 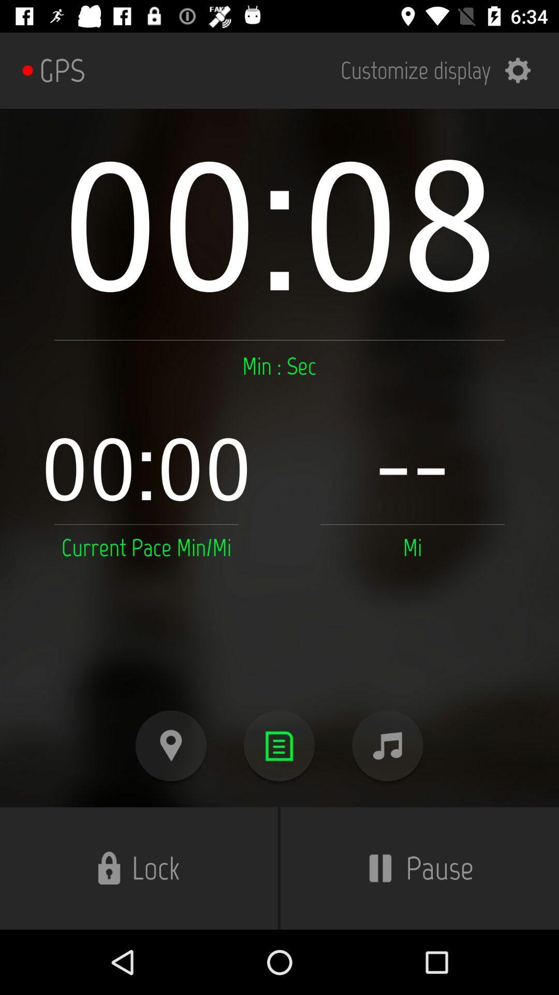 What do you see at coordinates (278, 745) in the screenshot?
I see `main` at bounding box center [278, 745].